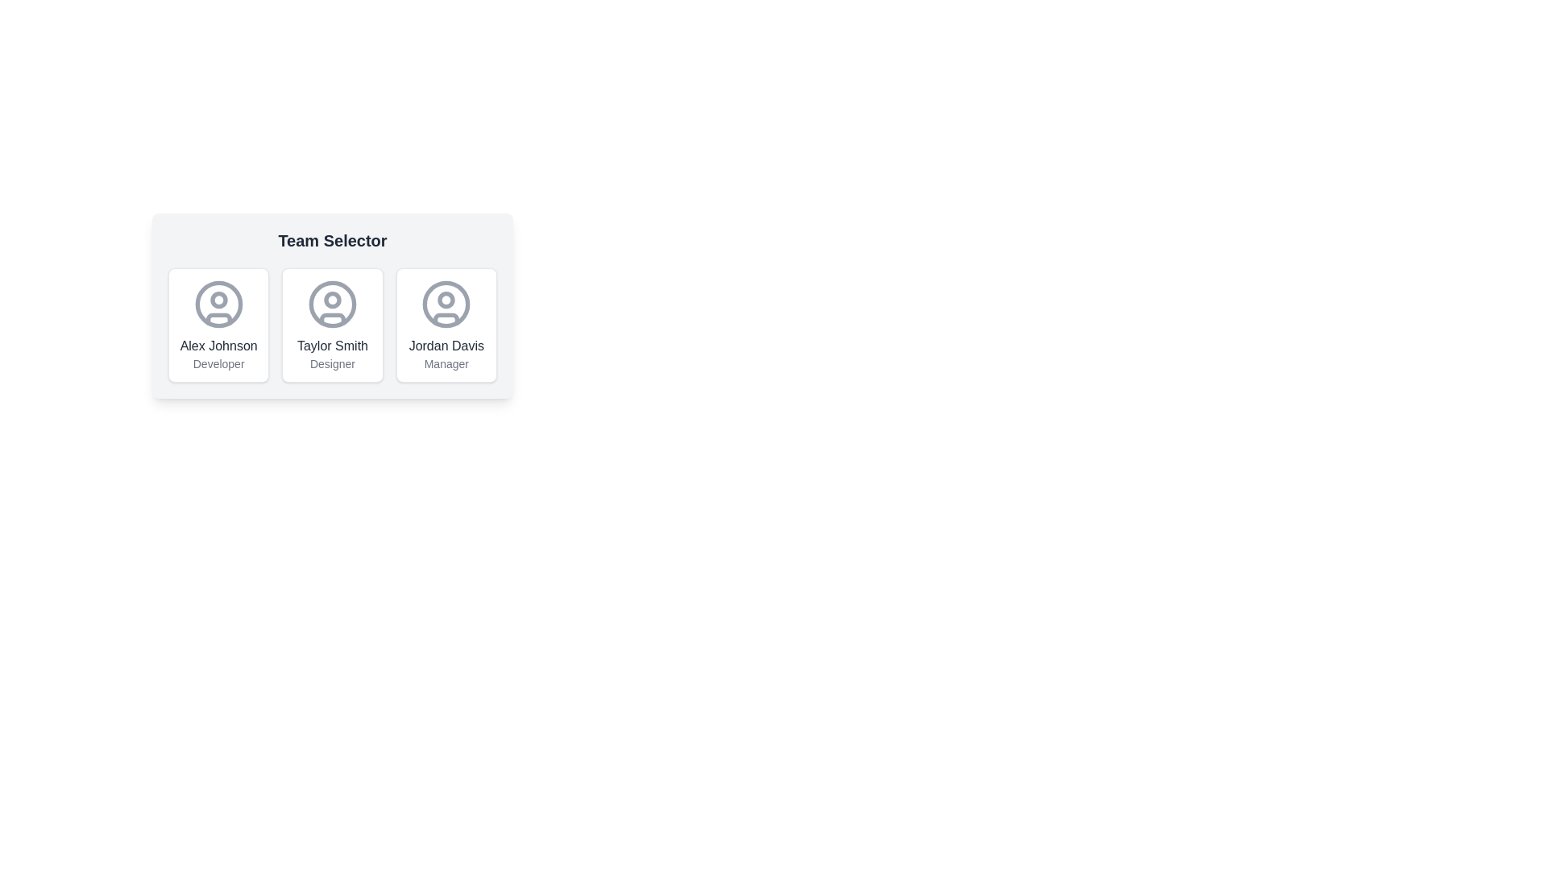 The height and width of the screenshot is (870, 1547). Describe the element at coordinates (446, 304) in the screenshot. I see `the user avatar icon representing 'Jordan Davis' located in the rightmost profile card under the 'Team Selector' section` at that location.